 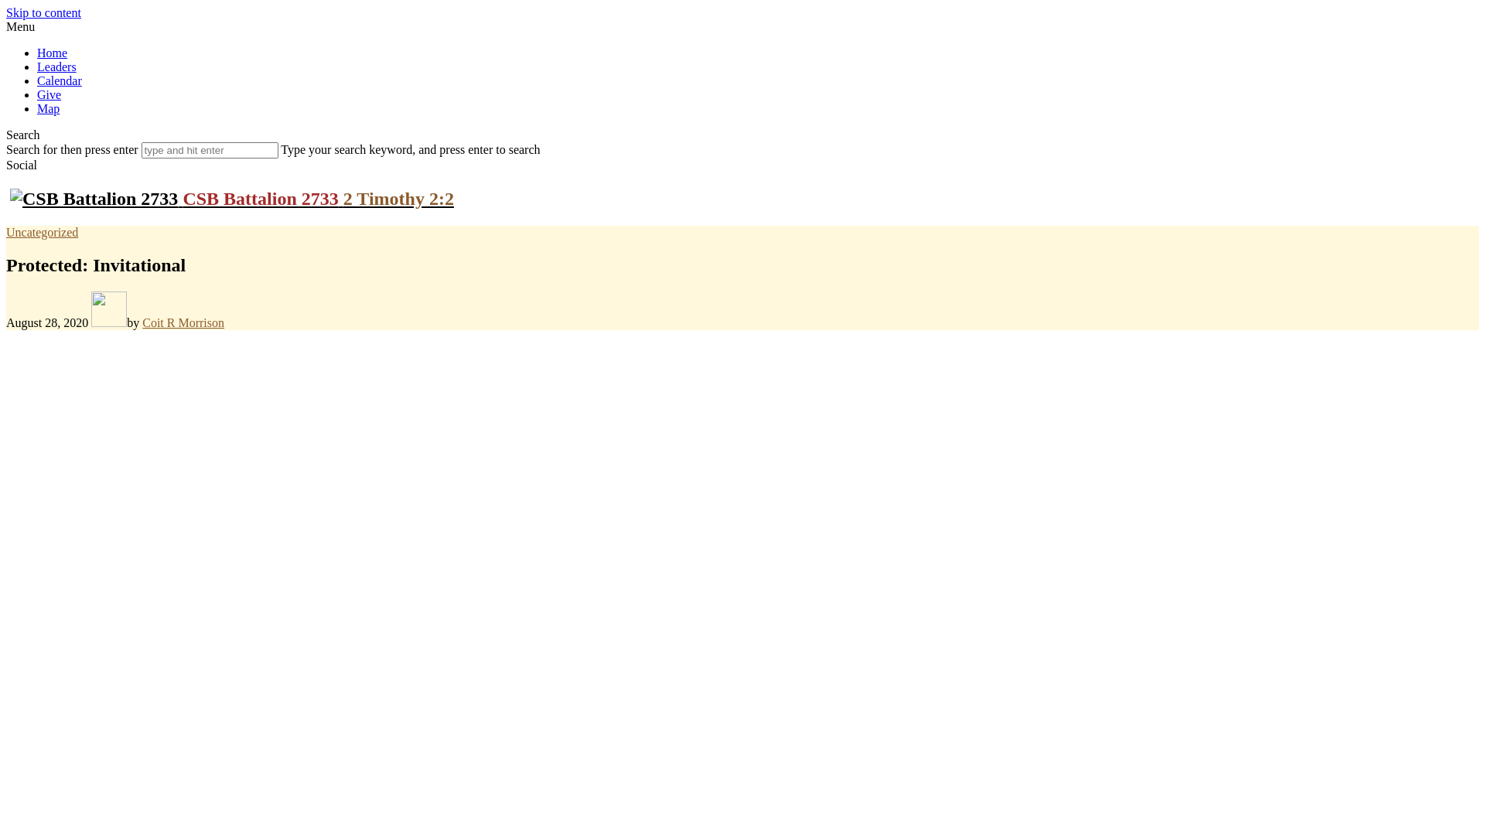 What do you see at coordinates (22, 134) in the screenshot?
I see `'Search'` at bounding box center [22, 134].